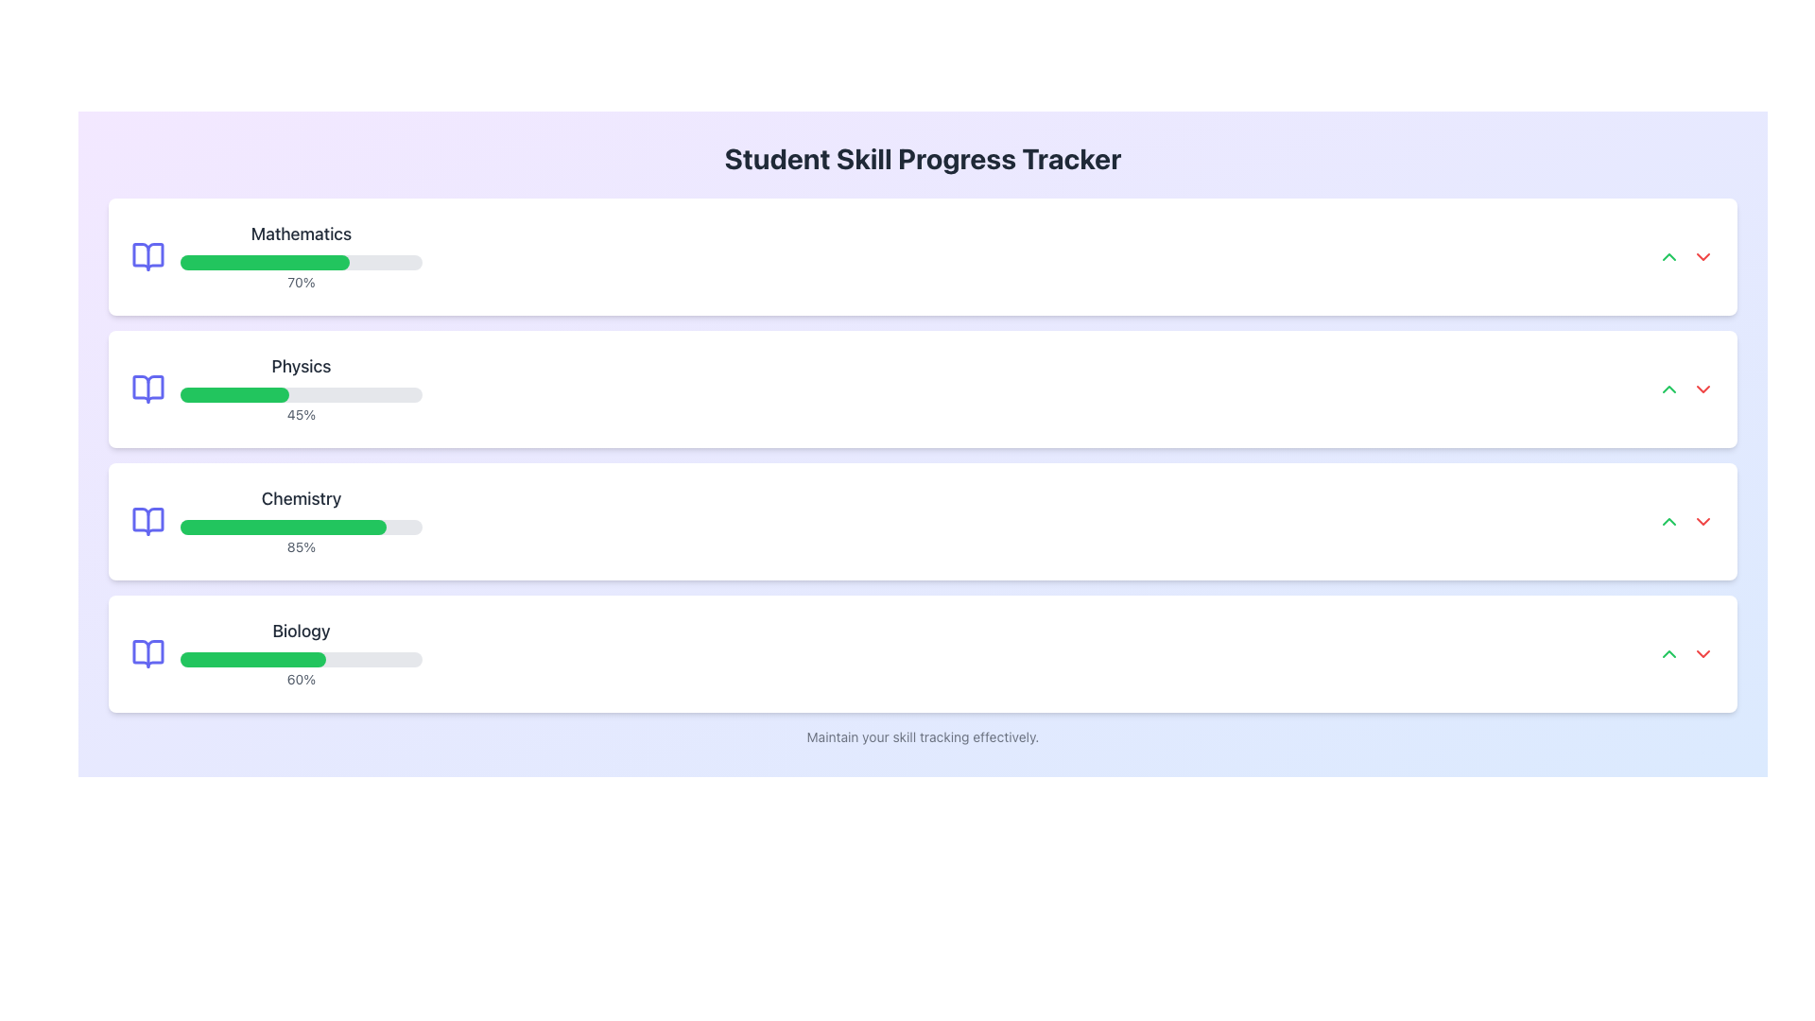 The height and width of the screenshot is (1021, 1815). What do you see at coordinates (251, 659) in the screenshot?
I see `the green progress bar segment within the Biology section, which is the fourth element from the top in the vertical list` at bounding box center [251, 659].